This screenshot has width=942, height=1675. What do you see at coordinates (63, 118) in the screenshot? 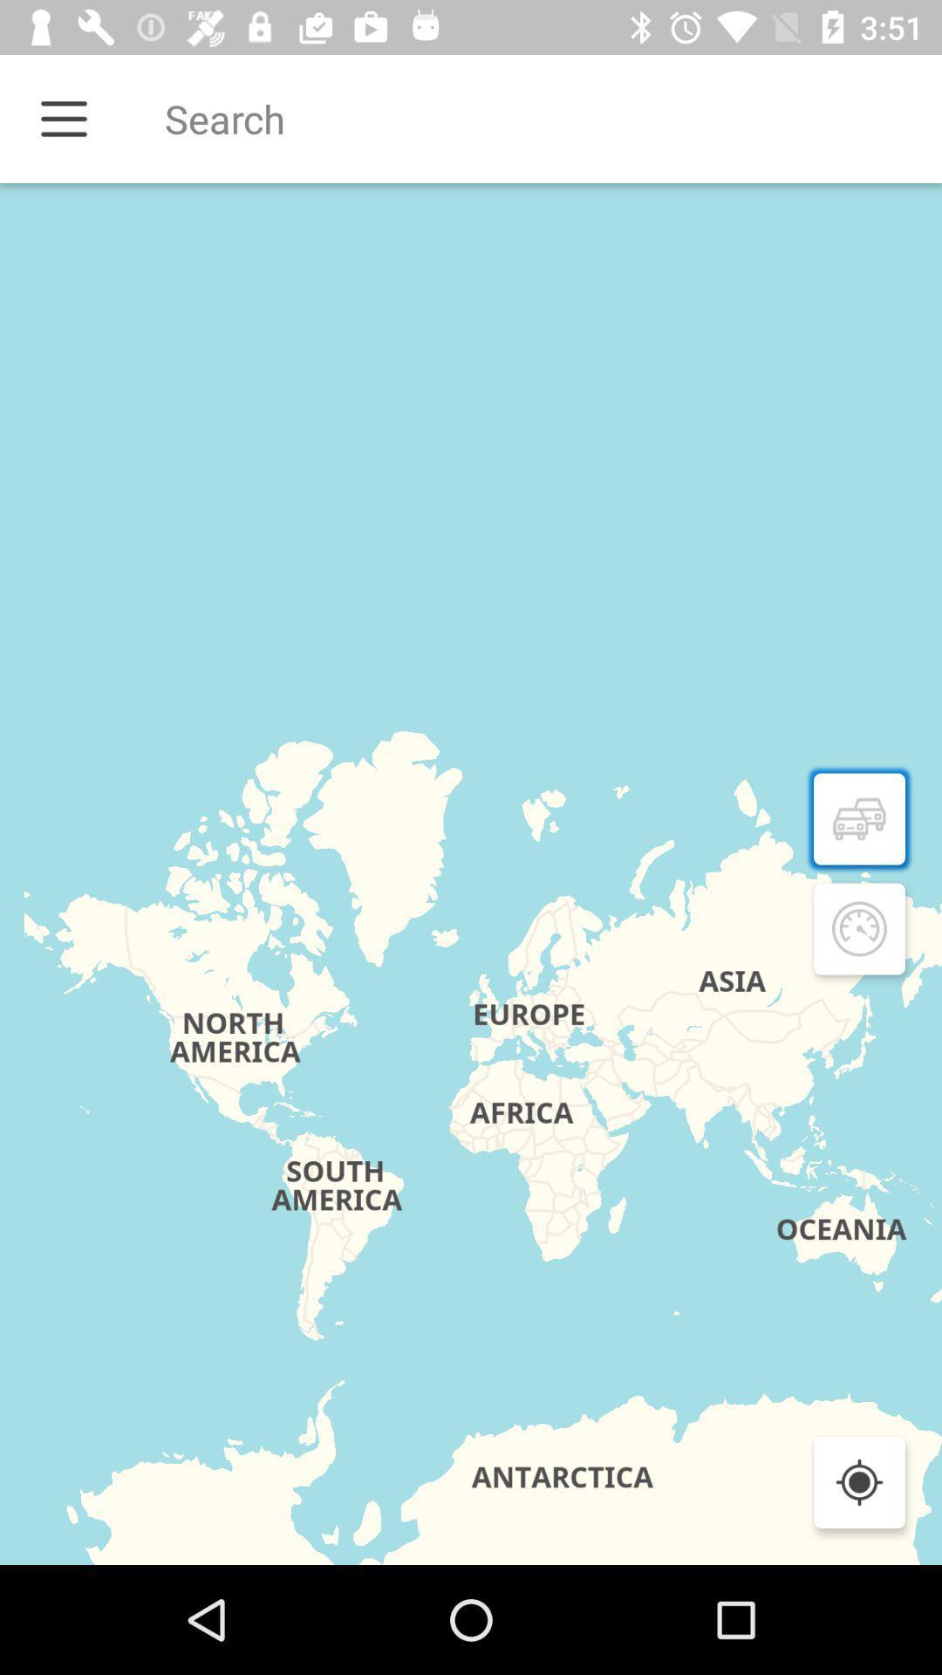
I see `menu option` at bounding box center [63, 118].